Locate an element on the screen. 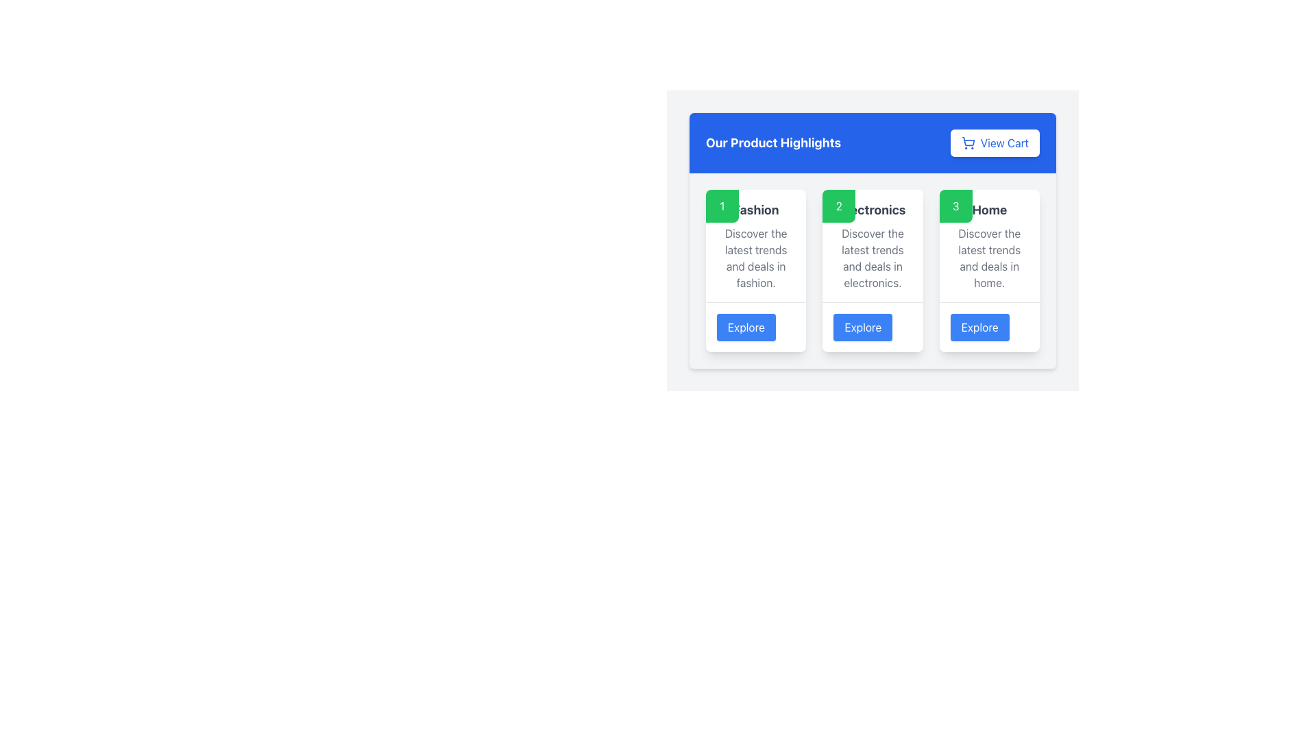 The image size is (1316, 740). the informational text block located below the 'Fashion' text in the leftmost card of the horizontally arranged group of three cards, which is situated directly below the header 'Our Product Highlights.' is located at coordinates (755, 258).